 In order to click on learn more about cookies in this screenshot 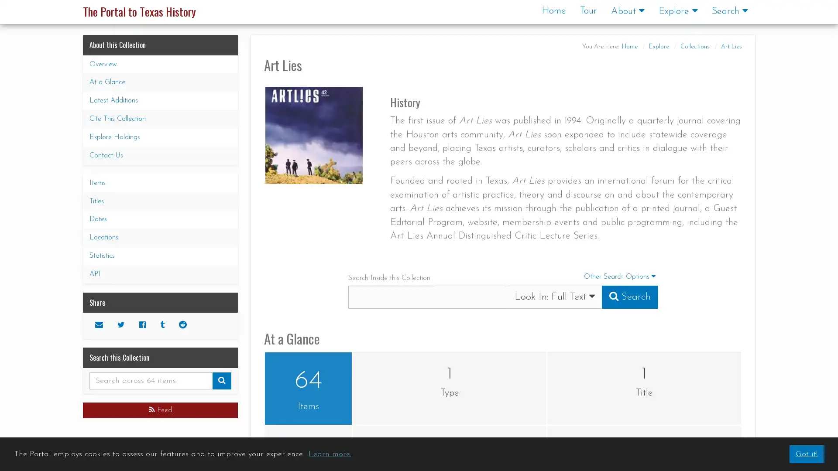, I will do `click(329, 454)`.